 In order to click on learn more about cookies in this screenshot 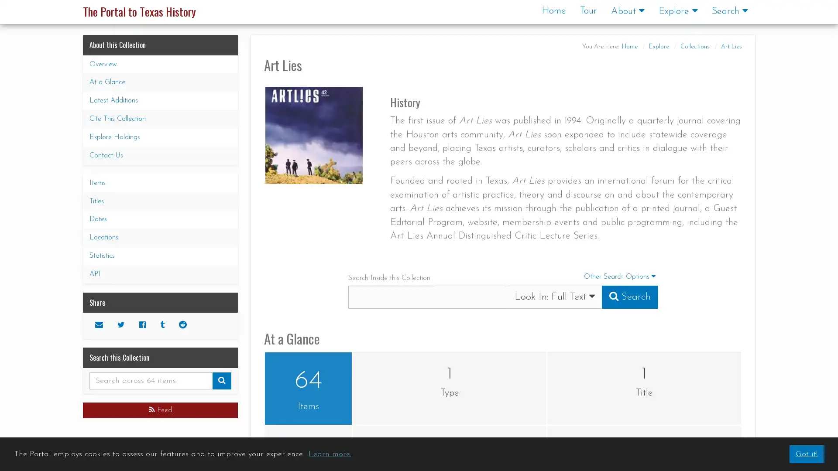, I will do `click(329, 454)`.